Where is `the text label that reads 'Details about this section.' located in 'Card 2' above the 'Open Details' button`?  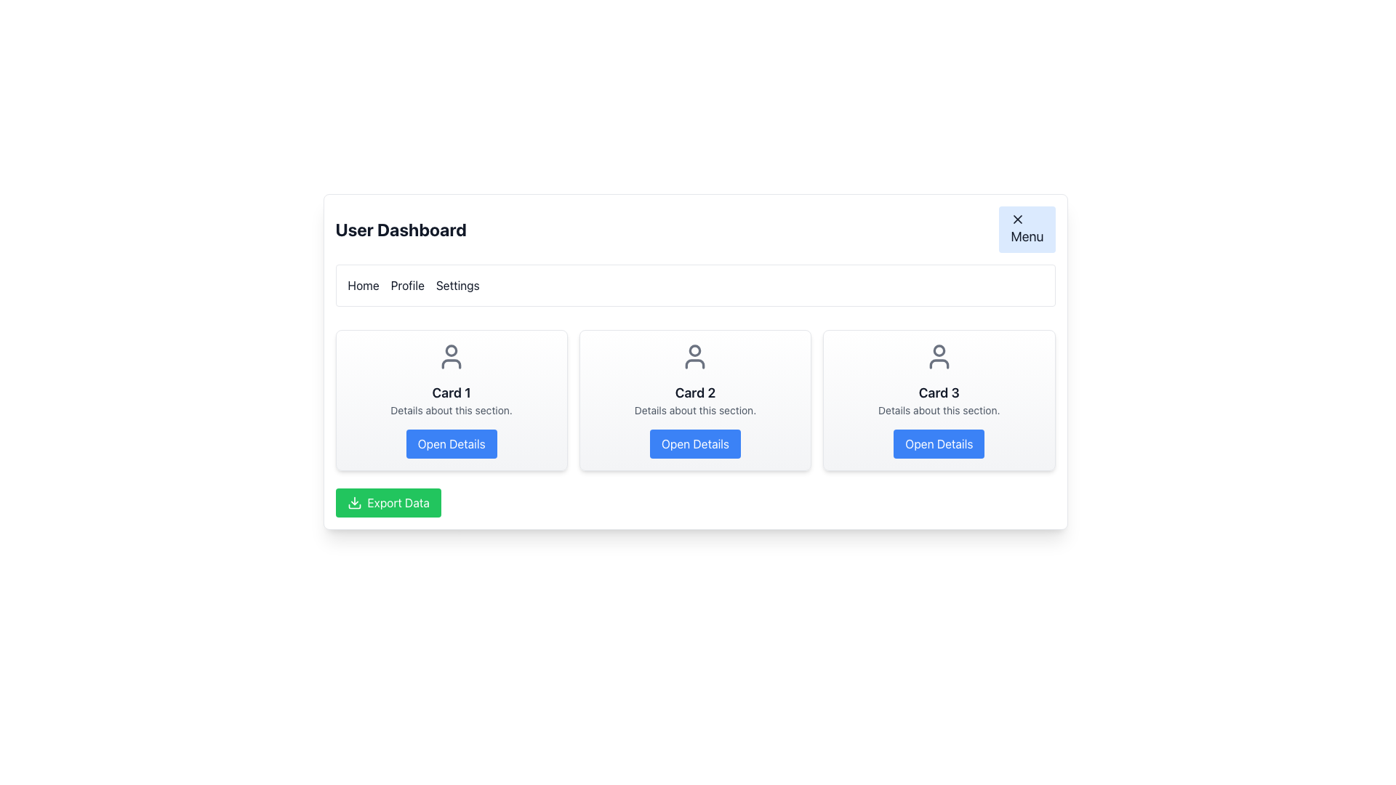 the text label that reads 'Details about this section.' located in 'Card 2' above the 'Open Details' button is located at coordinates (694, 410).